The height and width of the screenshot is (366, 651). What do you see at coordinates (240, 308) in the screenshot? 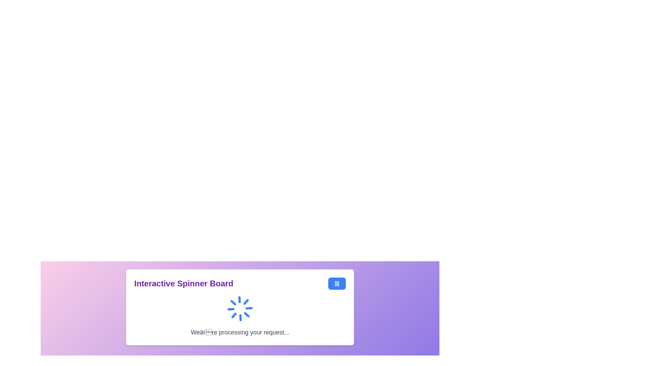
I see `the loading spinner located in the center of the card labeled 'Interactive Spinner Board' to determine if the process is still ongoing` at bounding box center [240, 308].